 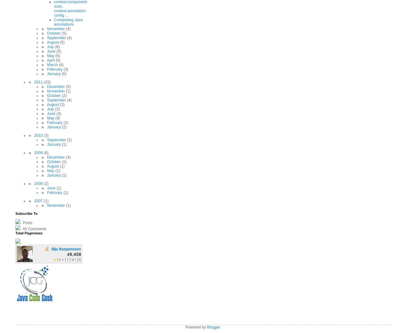 What do you see at coordinates (34, 229) in the screenshot?
I see `'All Comments'` at bounding box center [34, 229].